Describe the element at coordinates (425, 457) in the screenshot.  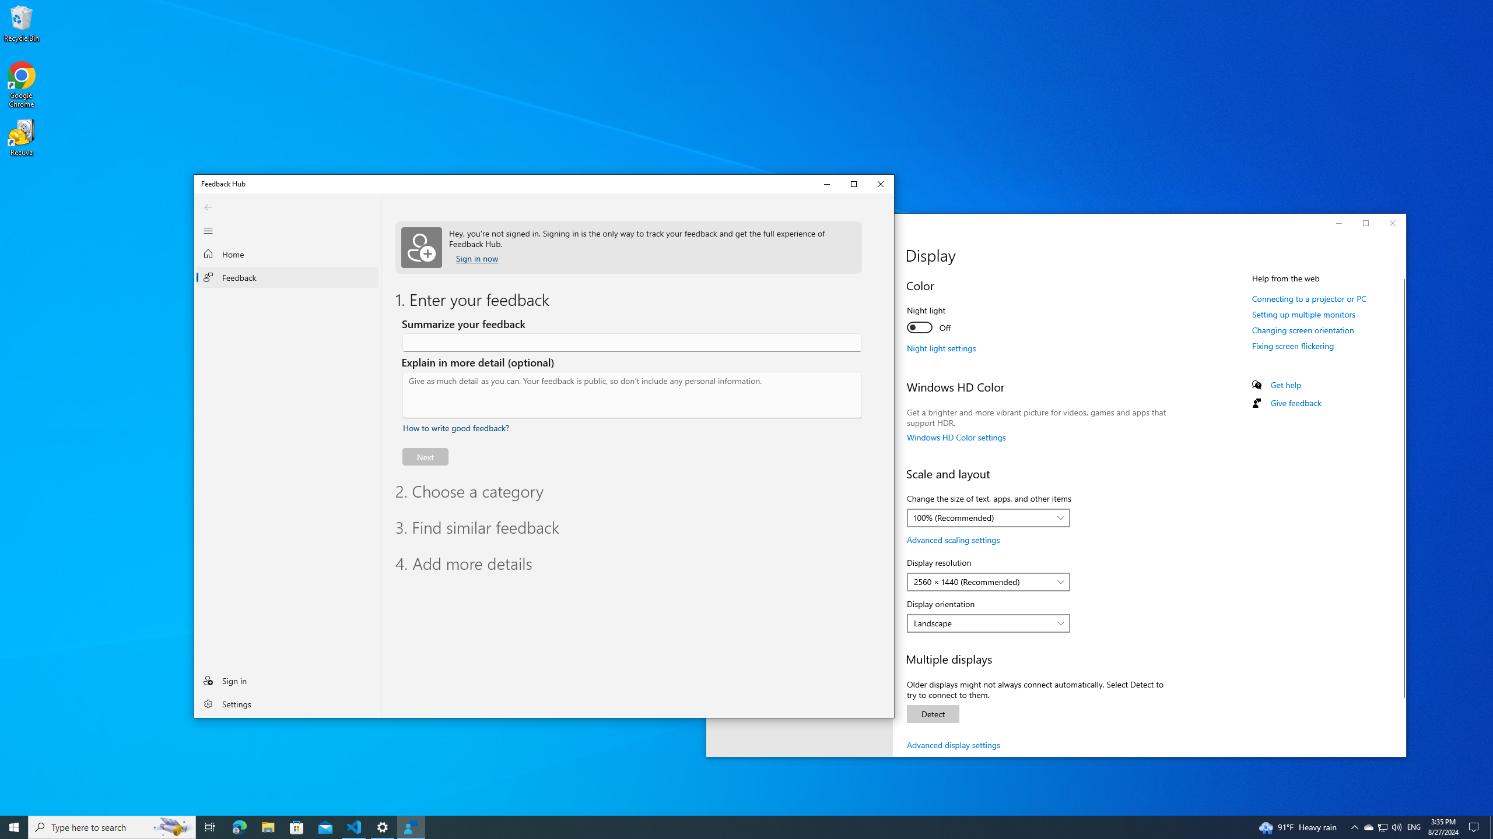
I see `'Next'` at that location.